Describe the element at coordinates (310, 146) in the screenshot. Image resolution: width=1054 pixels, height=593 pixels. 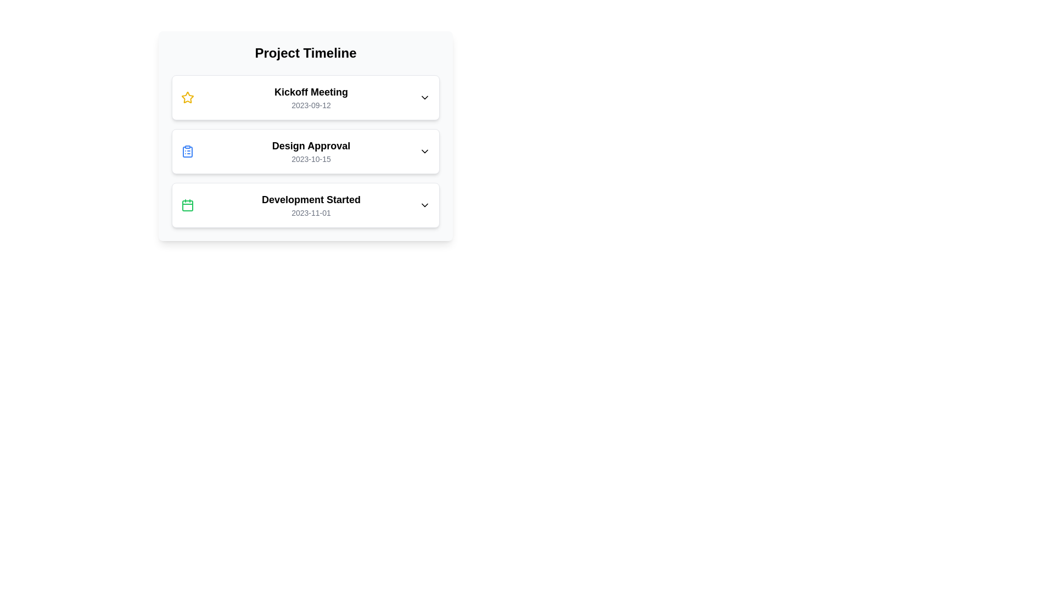
I see `the title text in the timeline interface, which indicates the specific milestone or section it represents and is positioned above a smaller gray text displaying '2023-10-15'` at that location.